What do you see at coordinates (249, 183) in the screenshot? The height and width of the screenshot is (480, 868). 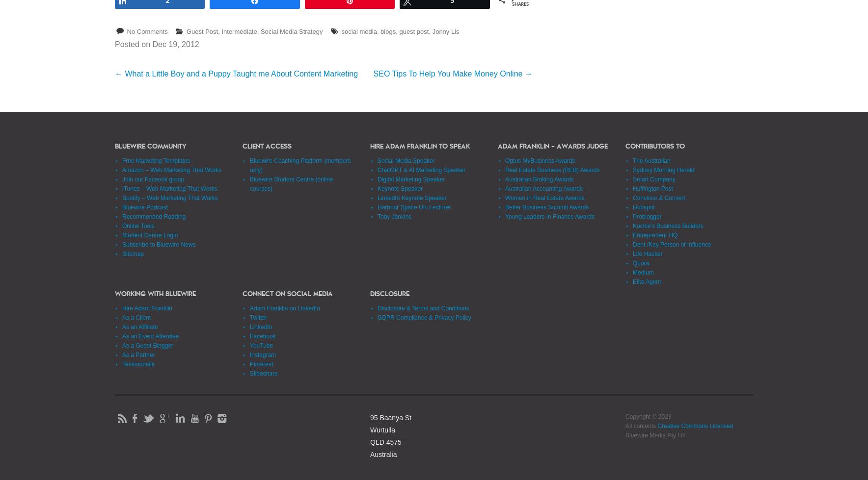 I see `'Bluewire Student Centre (online courses)'` at bounding box center [249, 183].